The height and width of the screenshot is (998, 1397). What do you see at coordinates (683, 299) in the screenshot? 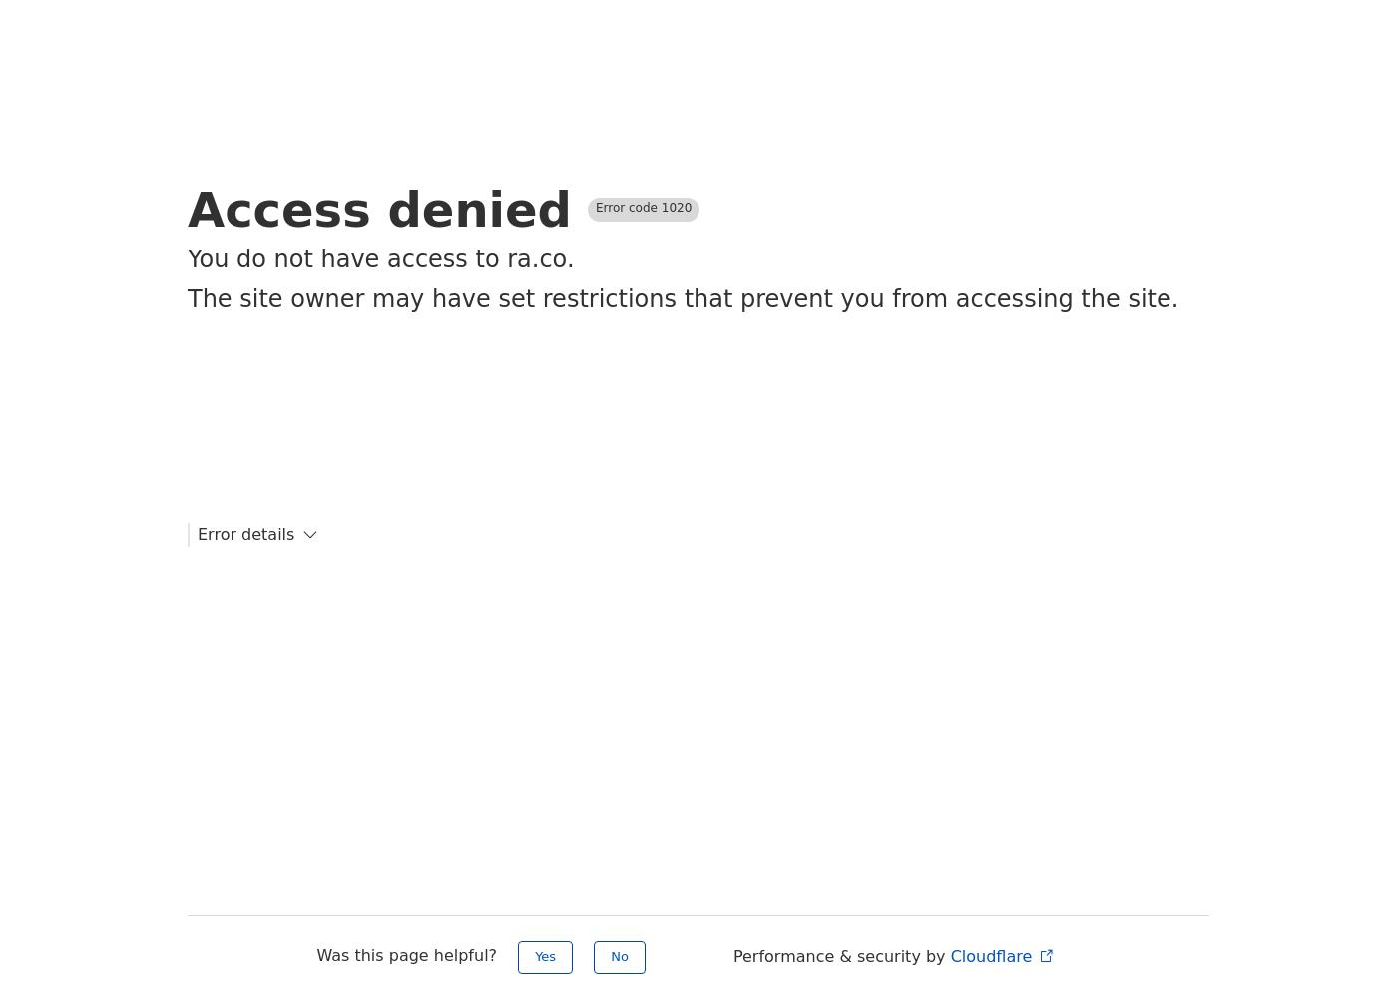
I see `'The site owner may have set restrictions that prevent you from accessing the site.'` at bounding box center [683, 299].